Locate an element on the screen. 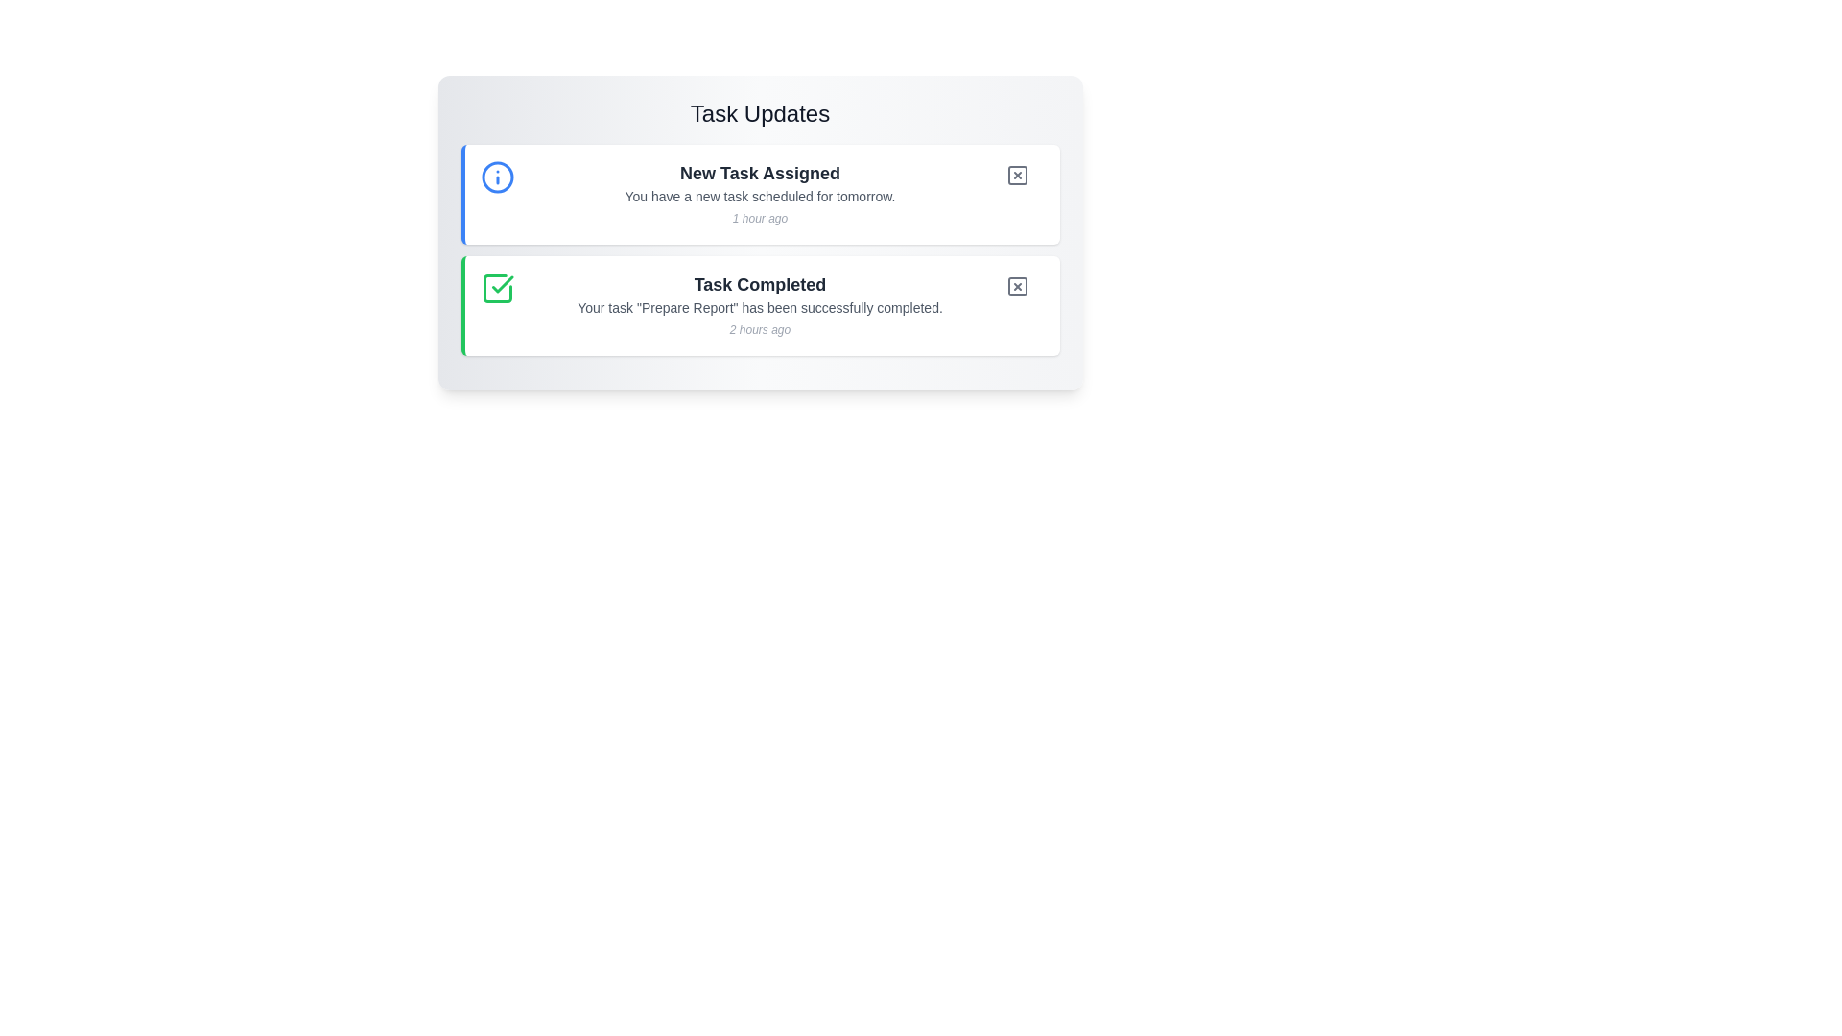 The height and width of the screenshot is (1036, 1842). the informational icon located to the far left of the 'New Task Assigned' task update is located at coordinates (497, 177).